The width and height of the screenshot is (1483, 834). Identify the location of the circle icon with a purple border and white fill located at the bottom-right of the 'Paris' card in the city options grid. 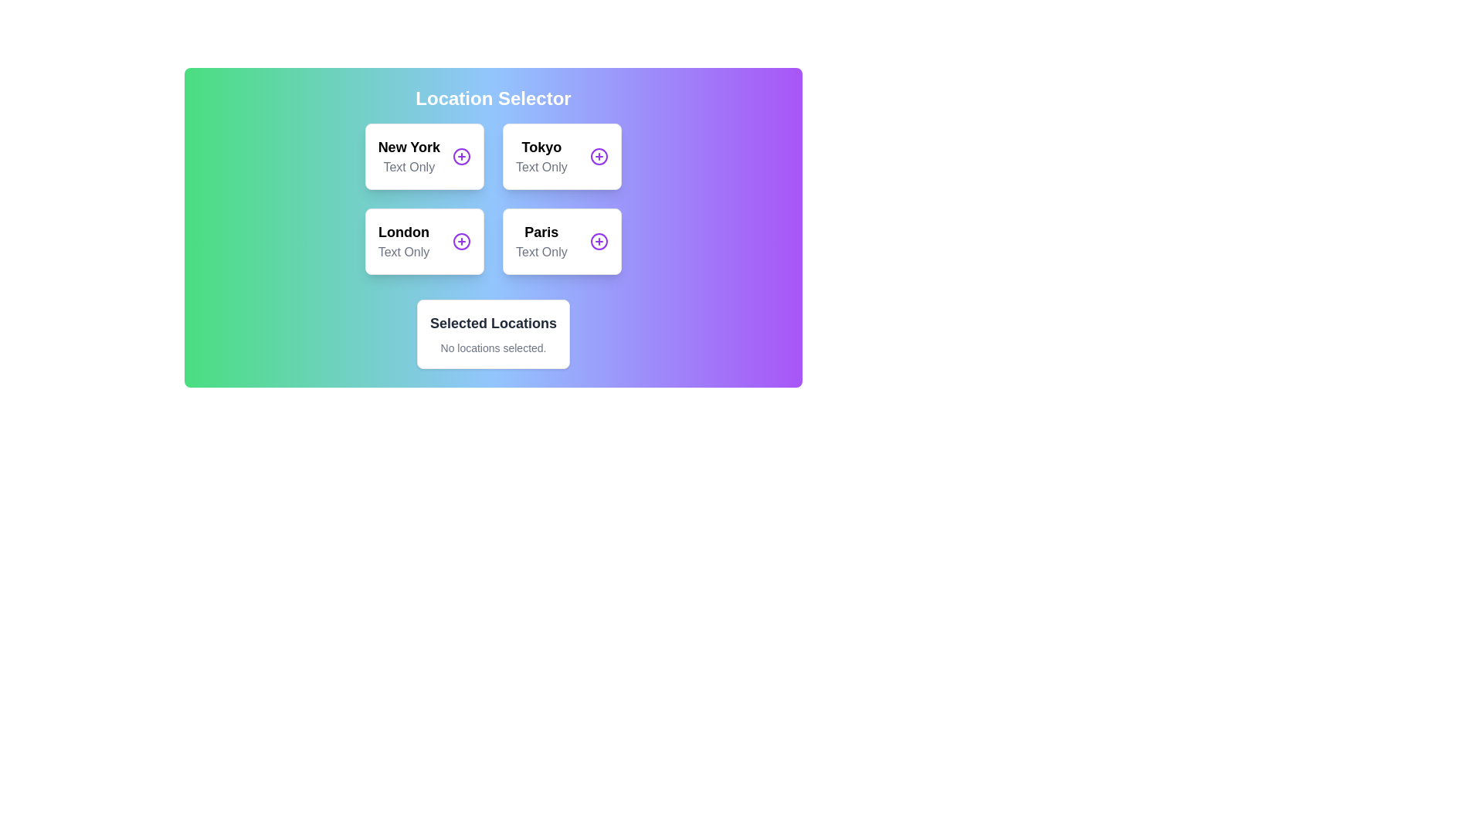
(599, 241).